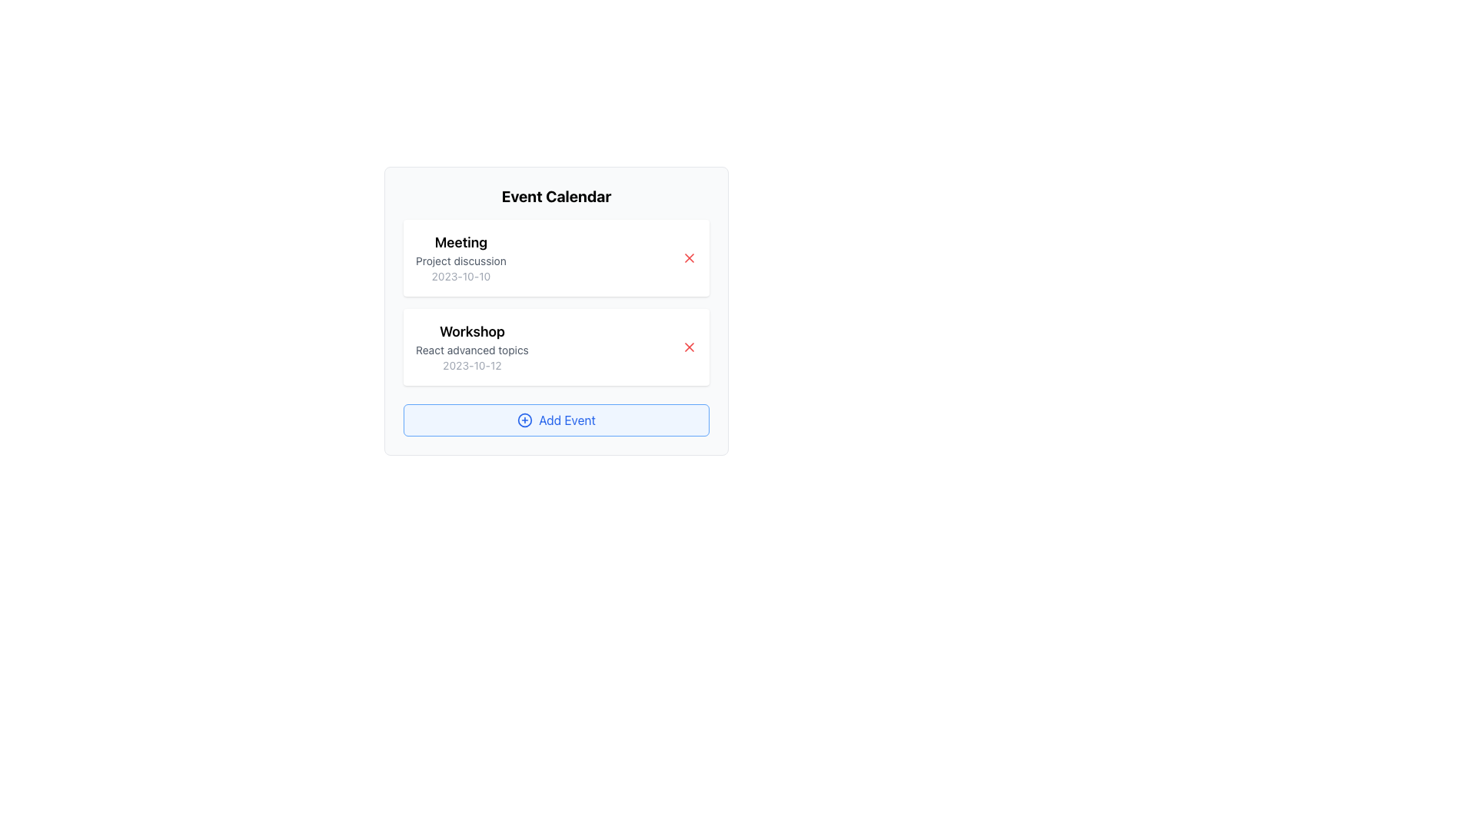 The height and width of the screenshot is (830, 1476). What do you see at coordinates (689, 347) in the screenshot?
I see `the red 'X' button on the far-right side of the 'Workshop' event` at bounding box center [689, 347].